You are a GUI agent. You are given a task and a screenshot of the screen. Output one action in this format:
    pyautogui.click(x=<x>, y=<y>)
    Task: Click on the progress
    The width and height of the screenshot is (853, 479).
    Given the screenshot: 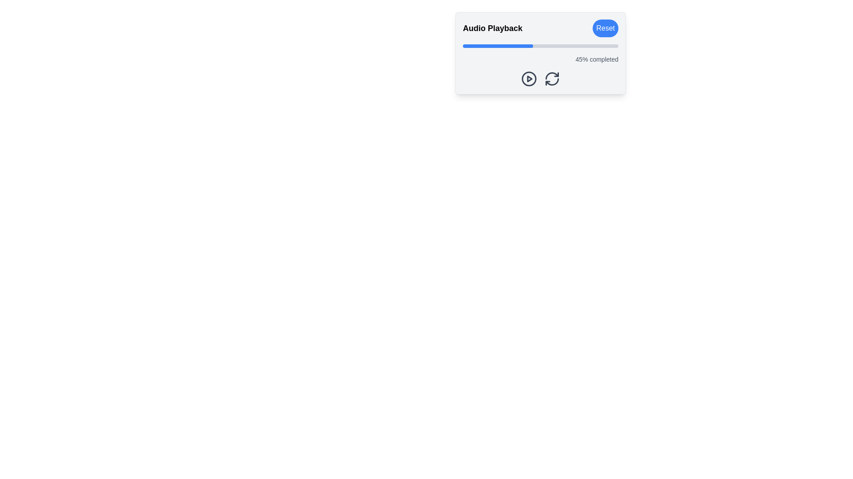 What is the action you would take?
    pyautogui.click(x=482, y=46)
    